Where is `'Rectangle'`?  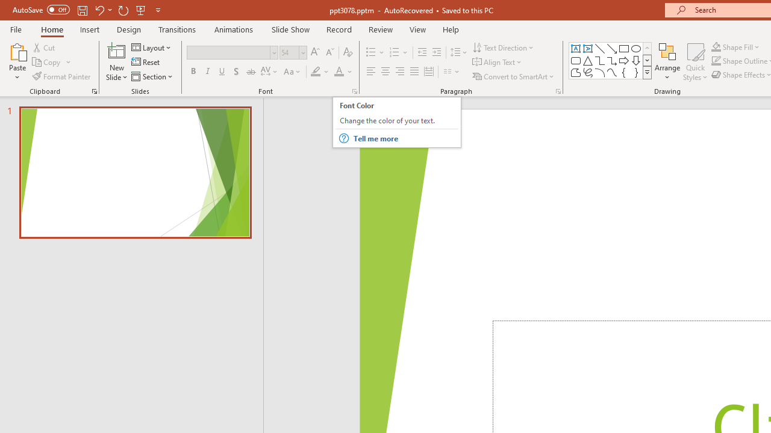 'Rectangle' is located at coordinates (624, 48).